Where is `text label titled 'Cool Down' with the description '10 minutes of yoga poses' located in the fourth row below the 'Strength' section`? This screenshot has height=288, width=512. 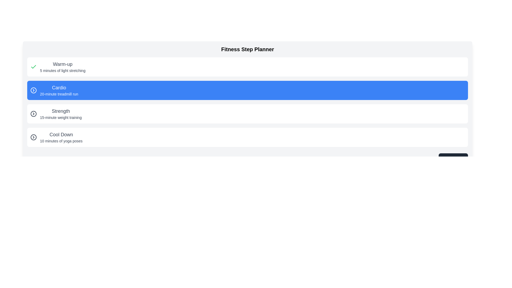 text label titled 'Cool Down' with the description '10 minutes of yoga poses' located in the fourth row below the 'Strength' section is located at coordinates (61, 137).